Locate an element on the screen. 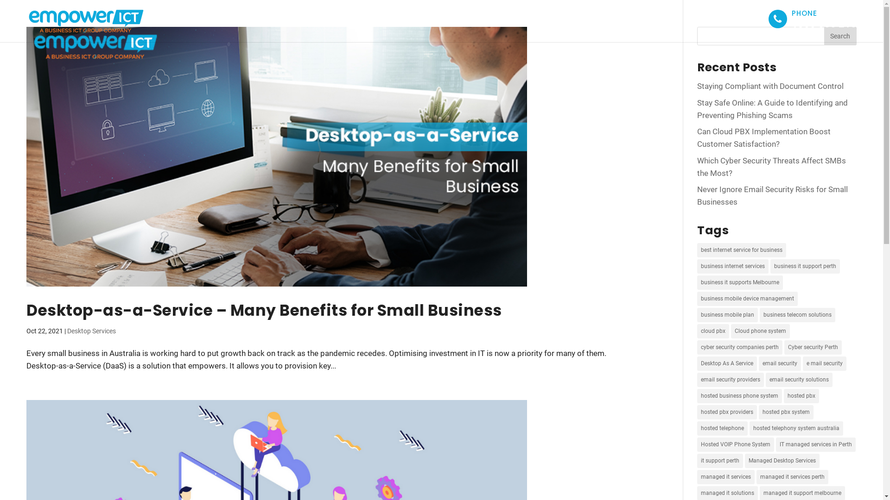 Image resolution: width=890 pixels, height=500 pixels. 'Blog' is located at coordinates (694, 18).